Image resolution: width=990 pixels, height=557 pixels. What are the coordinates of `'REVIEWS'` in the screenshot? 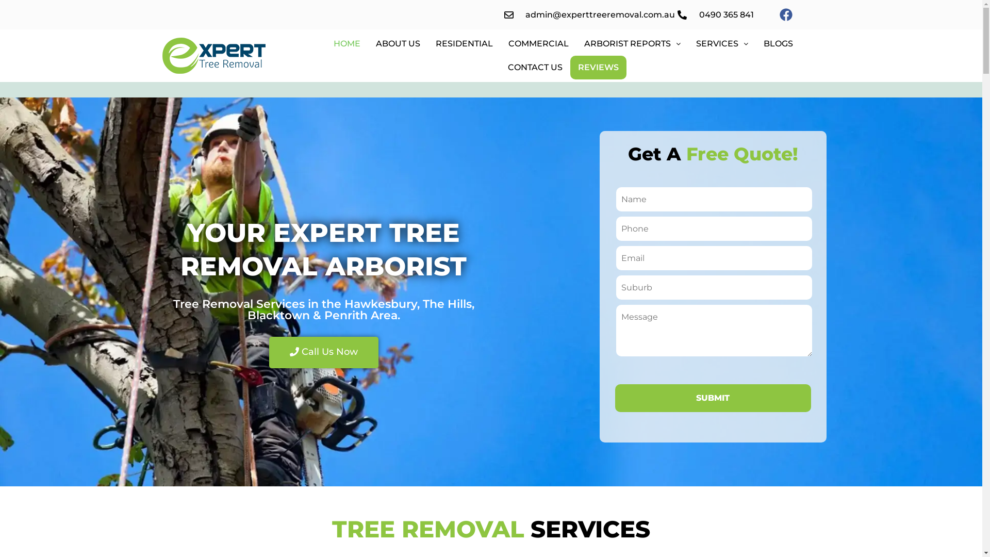 It's located at (598, 68).